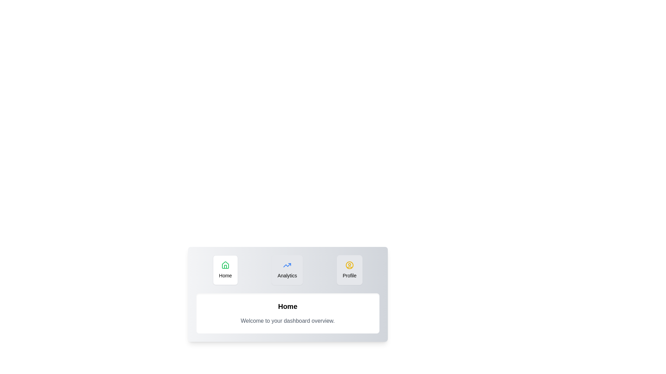 This screenshot has width=666, height=374. What do you see at coordinates (349, 269) in the screenshot?
I see `the Profile tab to observe the hover effect` at bounding box center [349, 269].